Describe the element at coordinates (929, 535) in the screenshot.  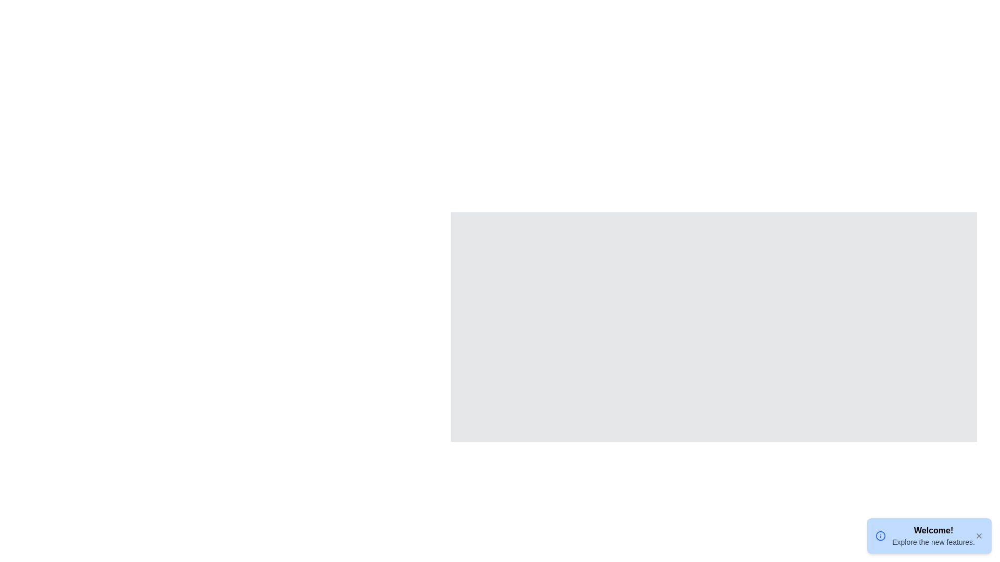
I see `message content from the Notification box that has a light blue background, bold text 'Welcome!', and smaller text 'Explore the new features.'` at that location.